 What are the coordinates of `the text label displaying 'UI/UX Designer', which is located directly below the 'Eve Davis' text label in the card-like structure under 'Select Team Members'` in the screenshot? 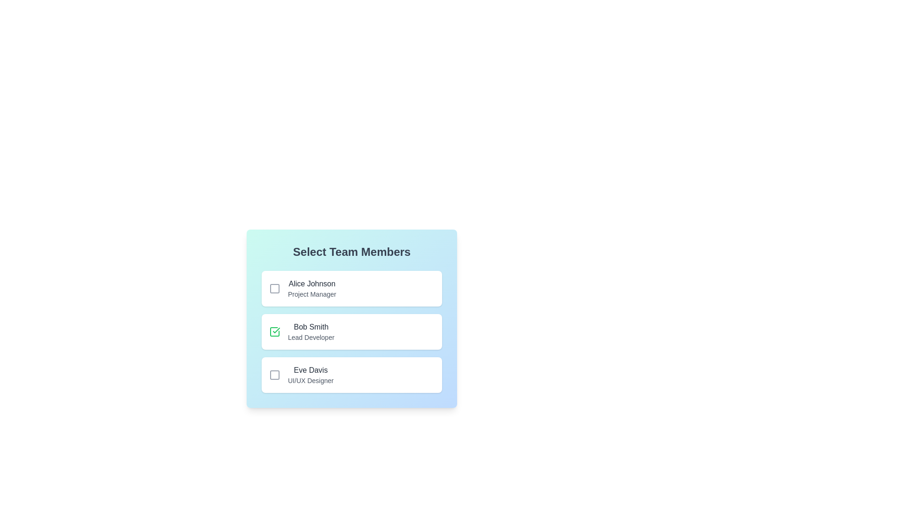 It's located at (311, 380).